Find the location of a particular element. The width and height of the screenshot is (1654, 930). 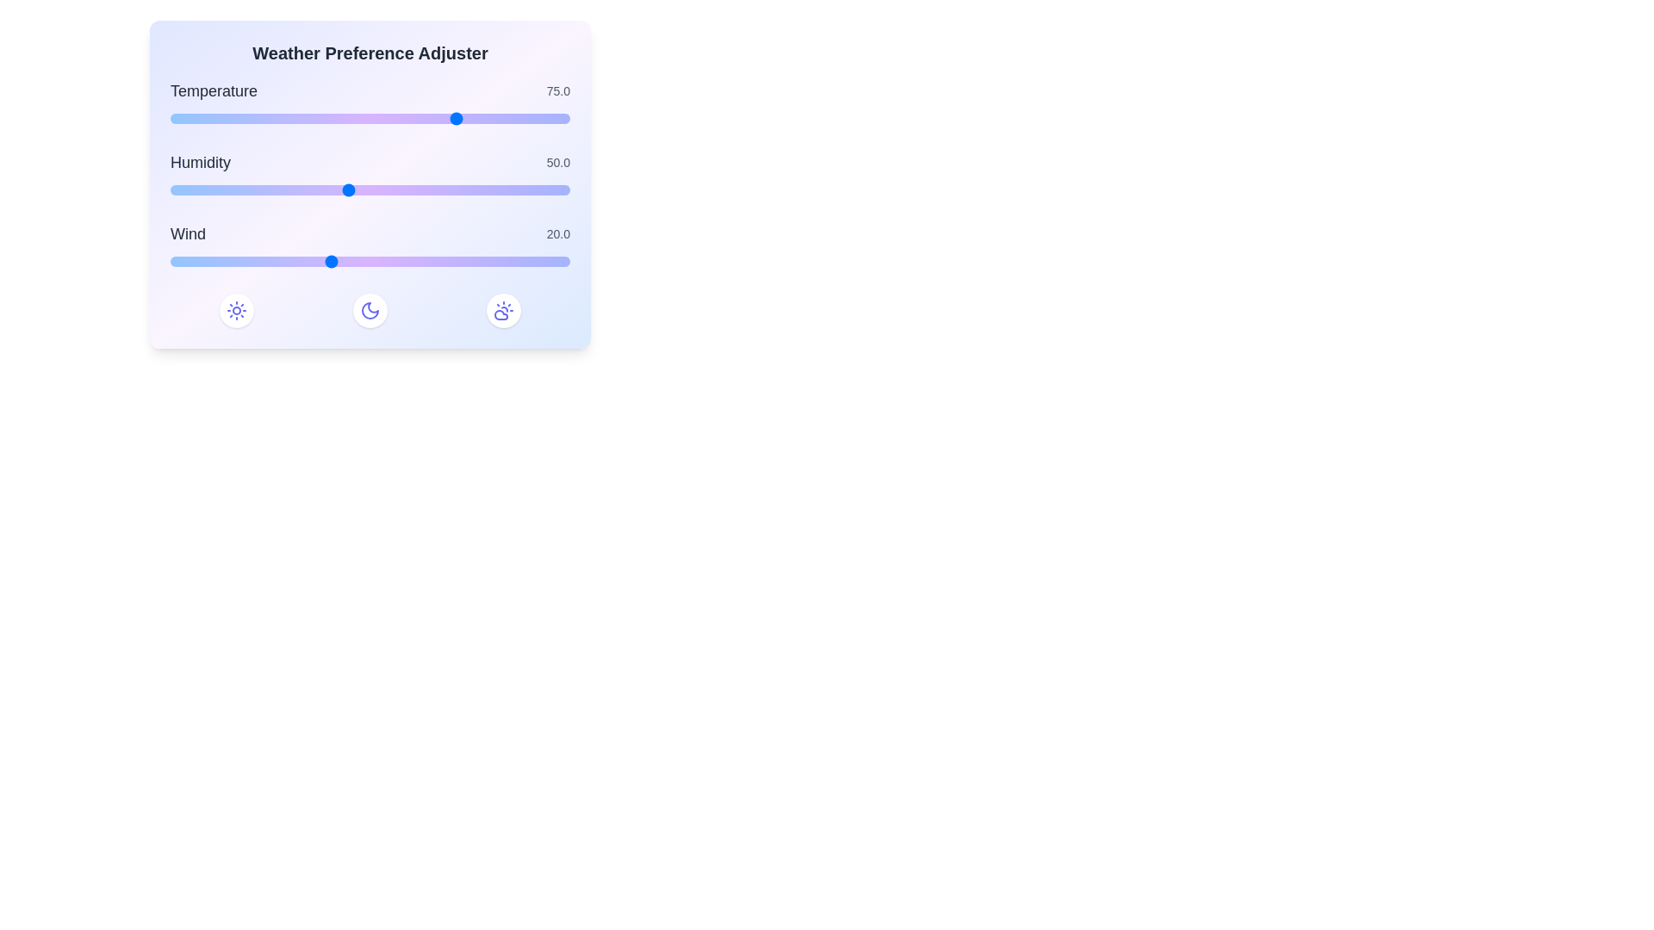

the sun icon button located at the bottom-right corner of the 'Weather Preference Adjuster' panel is located at coordinates (236, 311).